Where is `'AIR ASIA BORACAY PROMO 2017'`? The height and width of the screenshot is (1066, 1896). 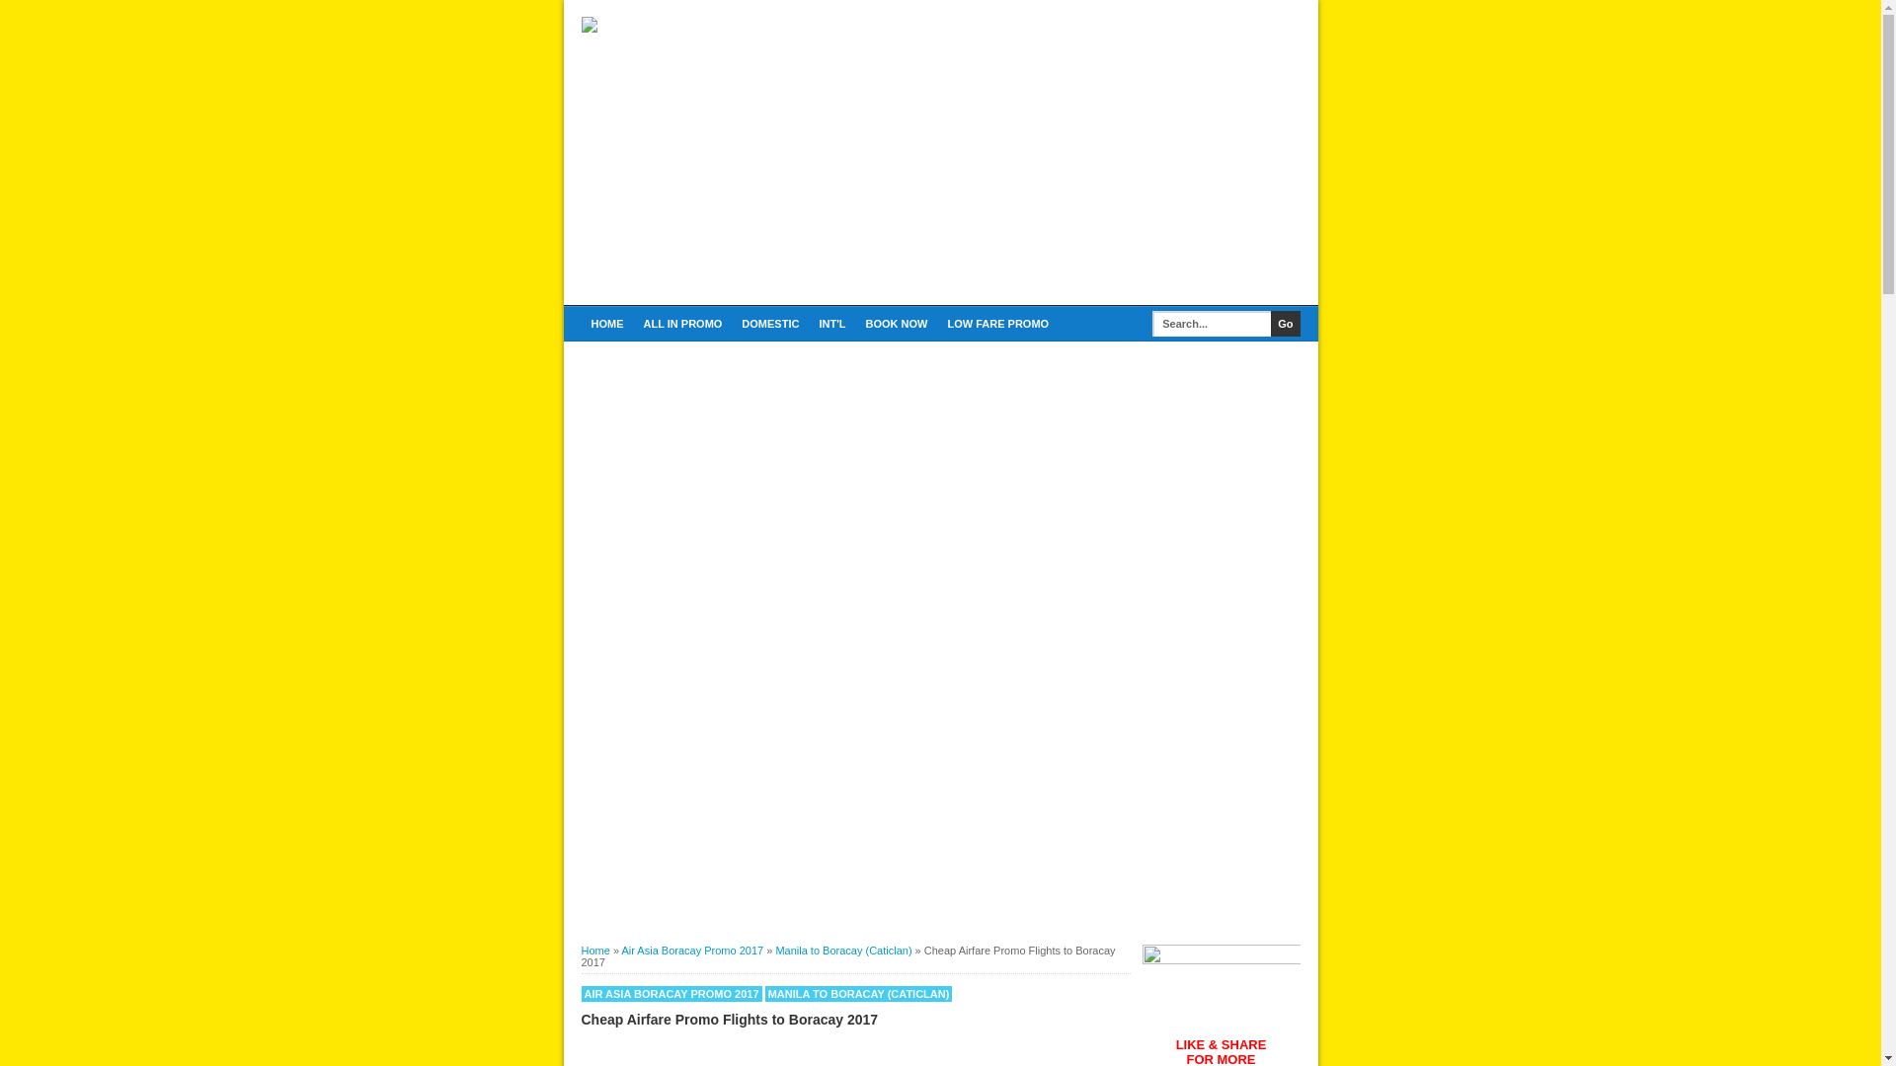
'AIR ASIA BORACAY PROMO 2017' is located at coordinates (671, 993).